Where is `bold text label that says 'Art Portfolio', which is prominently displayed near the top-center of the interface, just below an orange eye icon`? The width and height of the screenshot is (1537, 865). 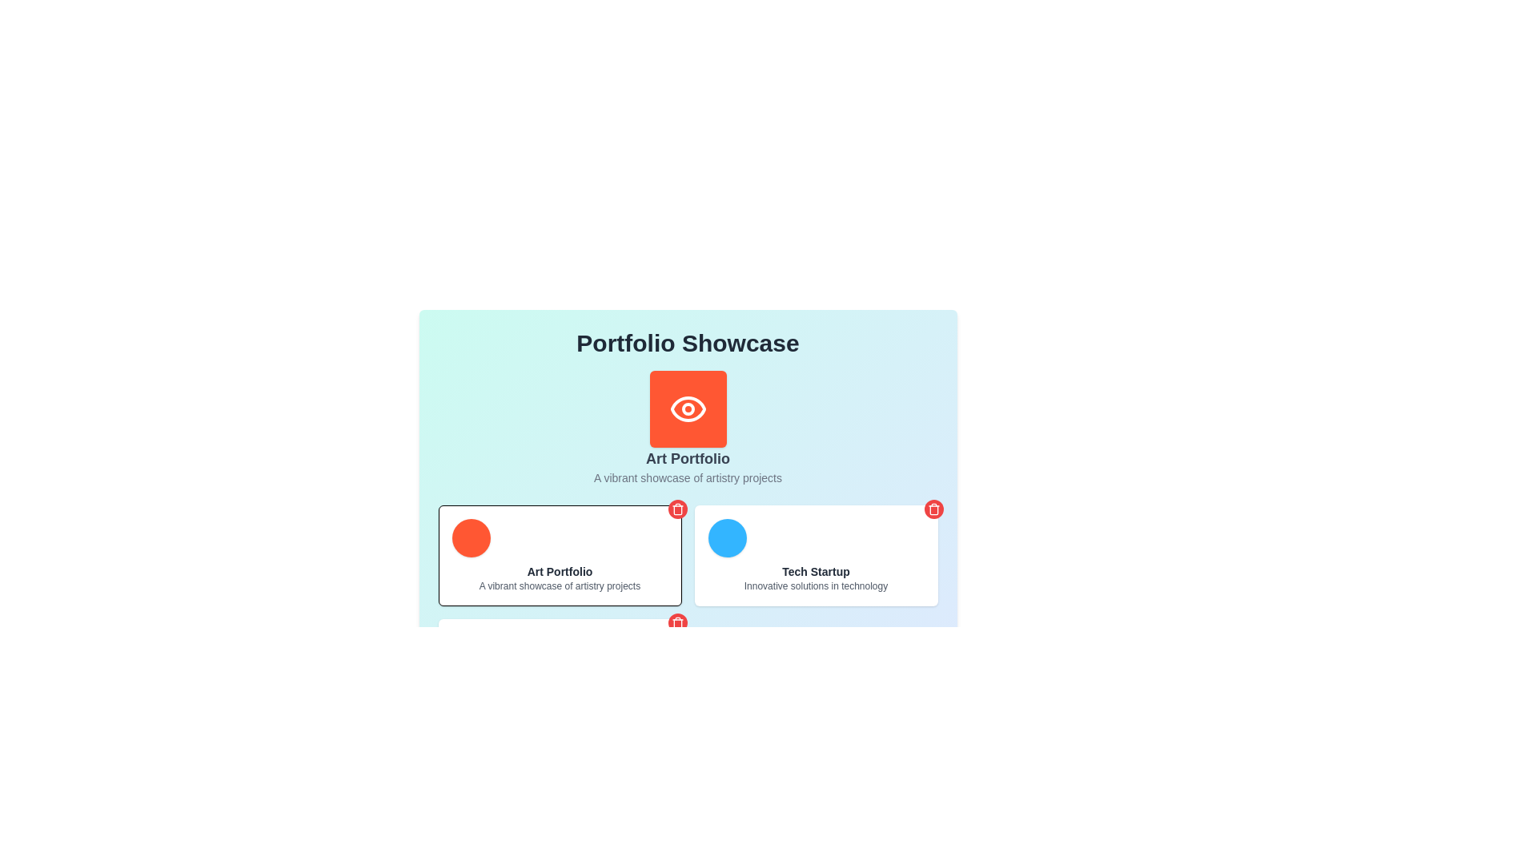 bold text label that says 'Art Portfolio', which is prominently displayed near the top-center of the interface, just below an orange eye icon is located at coordinates (688, 459).